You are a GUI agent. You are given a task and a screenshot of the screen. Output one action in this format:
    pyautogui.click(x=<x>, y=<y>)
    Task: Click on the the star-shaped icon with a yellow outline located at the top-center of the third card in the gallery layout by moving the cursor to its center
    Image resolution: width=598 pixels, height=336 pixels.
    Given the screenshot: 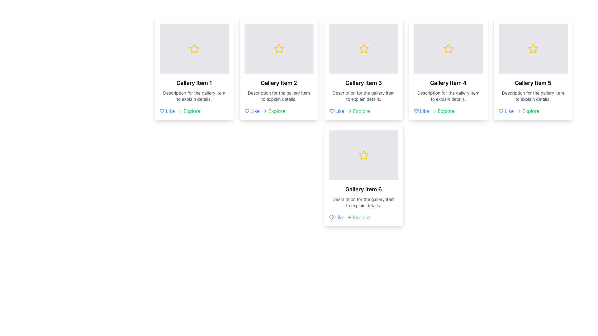 What is the action you would take?
    pyautogui.click(x=363, y=49)
    